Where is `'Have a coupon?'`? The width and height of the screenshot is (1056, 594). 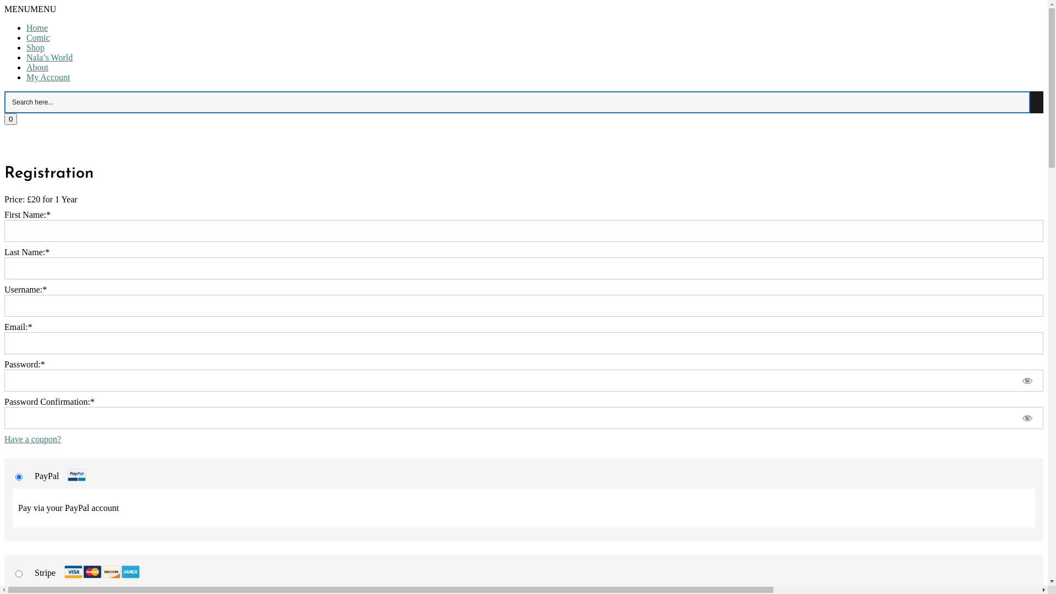 'Have a coupon?' is located at coordinates (32, 438).